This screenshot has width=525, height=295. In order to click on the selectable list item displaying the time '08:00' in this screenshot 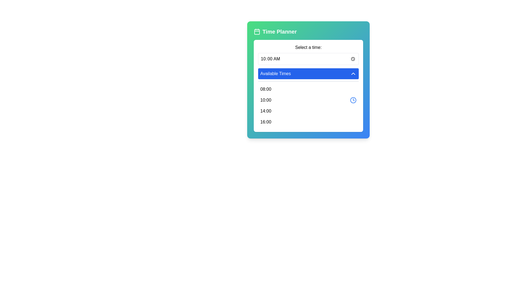, I will do `click(308, 89)`.